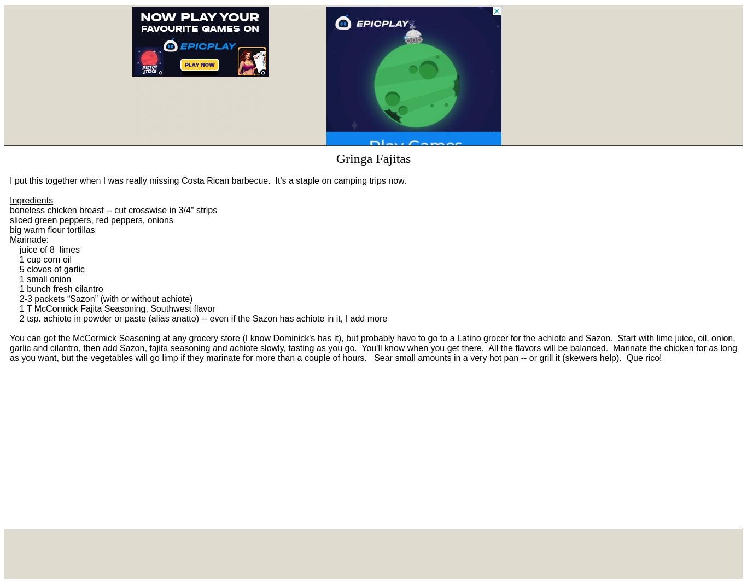 The width and height of the screenshot is (747, 583). Describe the element at coordinates (47, 269) in the screenshot. I see `'5 cloves of garlic'` at that location.